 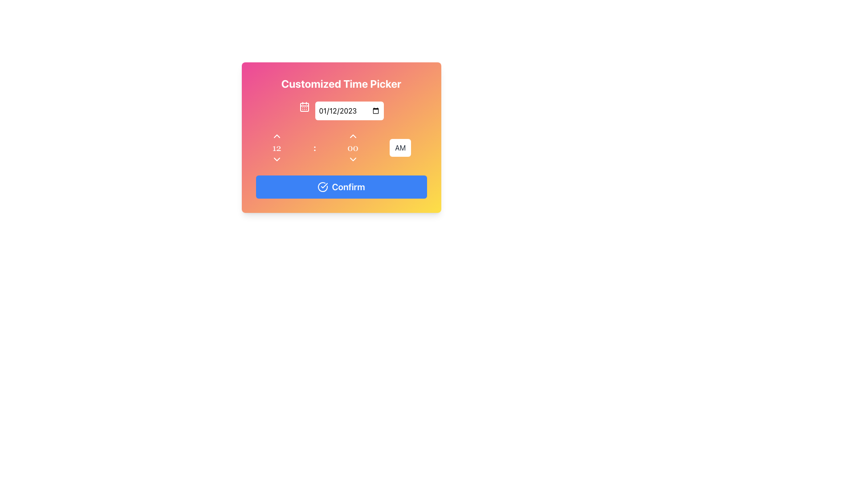 I want to click on the Date input box styled with a white background and black text to activate the date picker functionality, so click(x=349, y=110).